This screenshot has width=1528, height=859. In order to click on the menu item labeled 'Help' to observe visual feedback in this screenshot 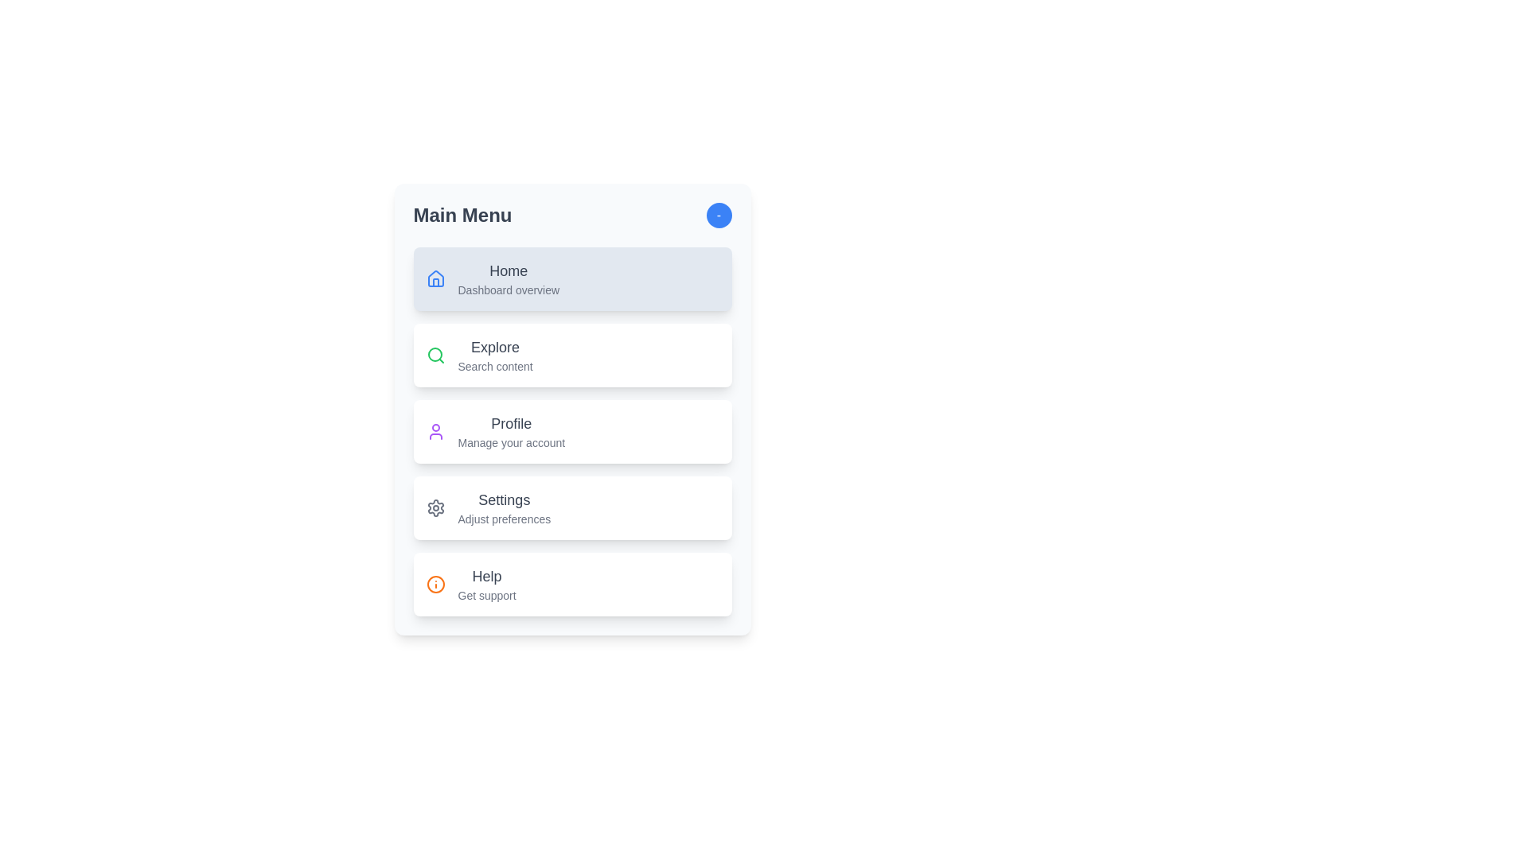, I will do `click(572, 585)`.